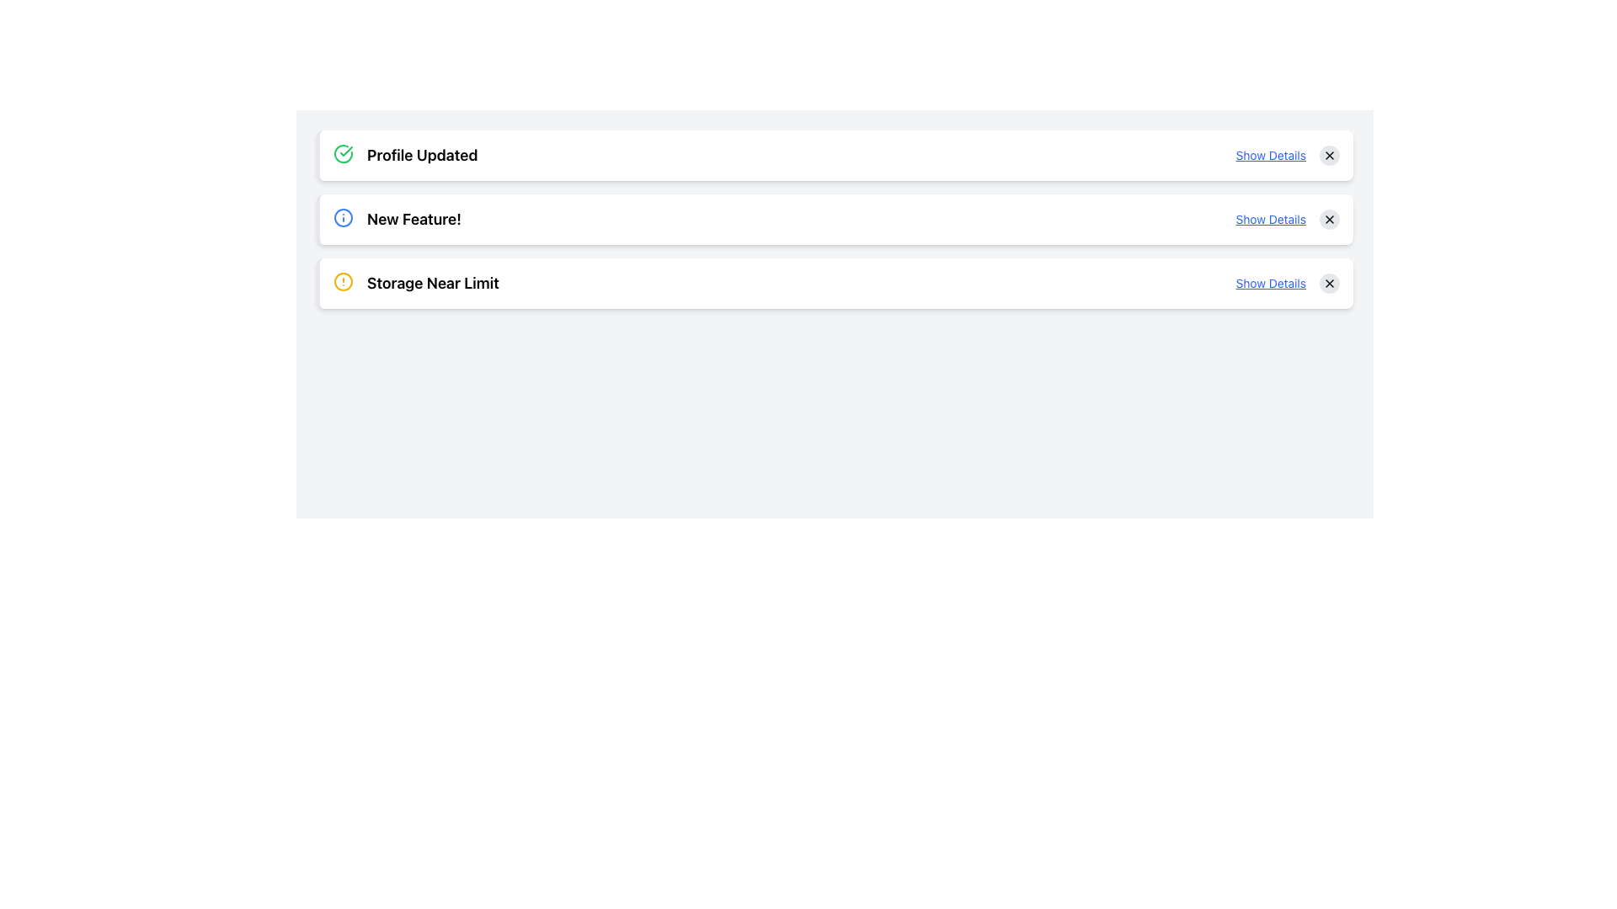 Image resolution: width=1617 pixels, height=909 pixels. What do you see at coordinates (414, 219) in the screenshot?
I see `the text label reading 'New Feature!' which is the second notification in the list, positioned below 'Profile Updated' and above 'Storage Near Limit'` at bounding box center [414, 219].